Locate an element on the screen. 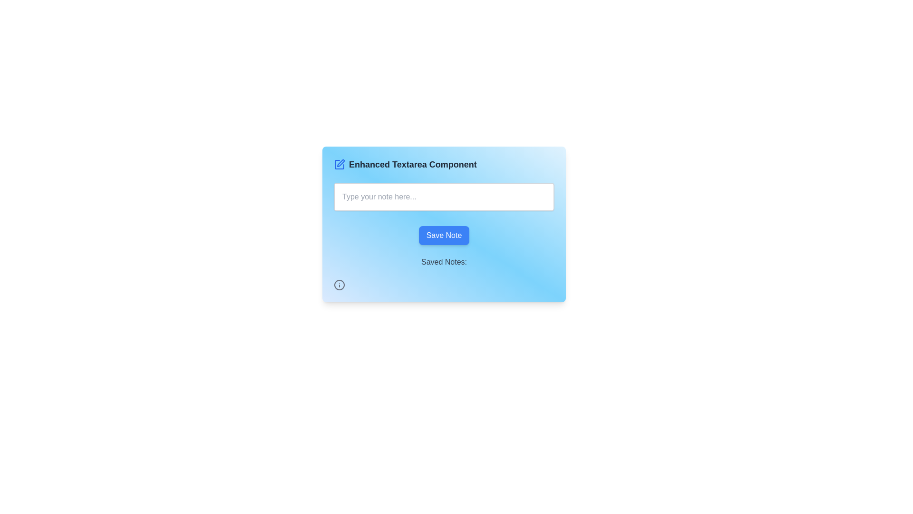 The width and height of the screenshot is (913, 514). the editing icon located to the left of the 'Enhanced Textarea Component' text is located at coordinates (340, 164).